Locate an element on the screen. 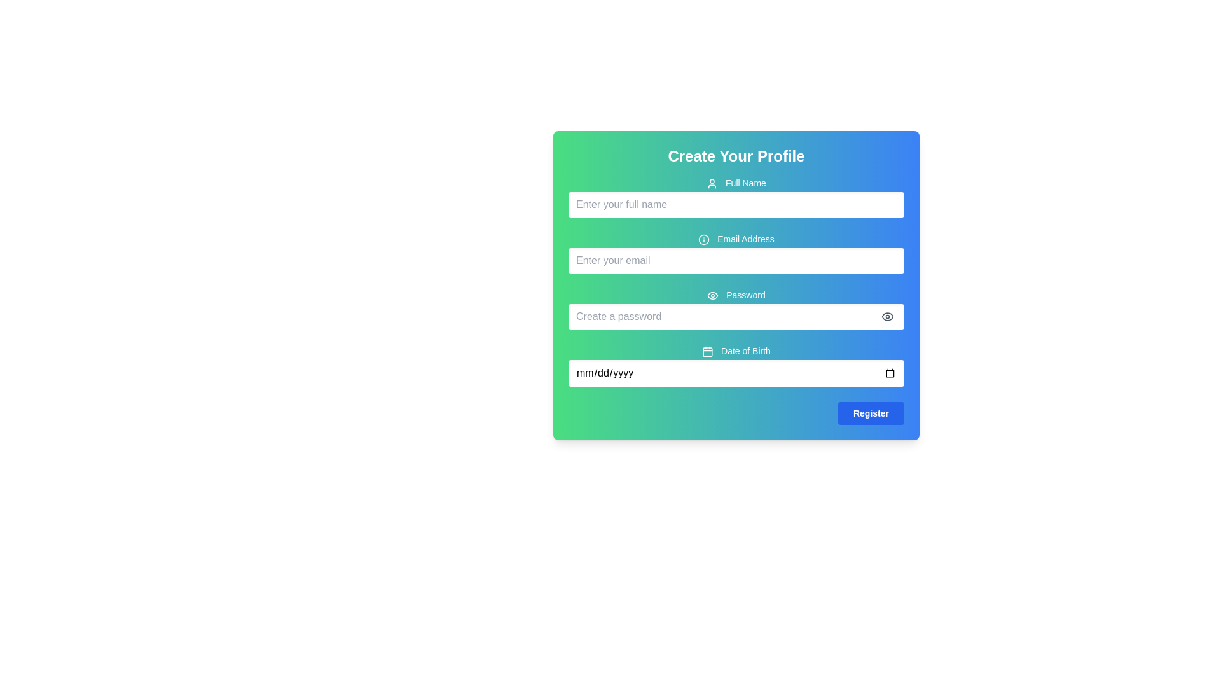  the eye icon associated with the password input field is located at coordinates (736, 309).